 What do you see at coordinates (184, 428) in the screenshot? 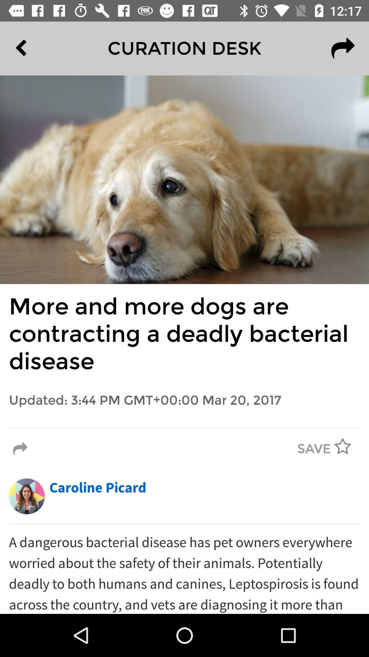
I see `icon below updated 3 44 item` at bounding box center [184, 428].